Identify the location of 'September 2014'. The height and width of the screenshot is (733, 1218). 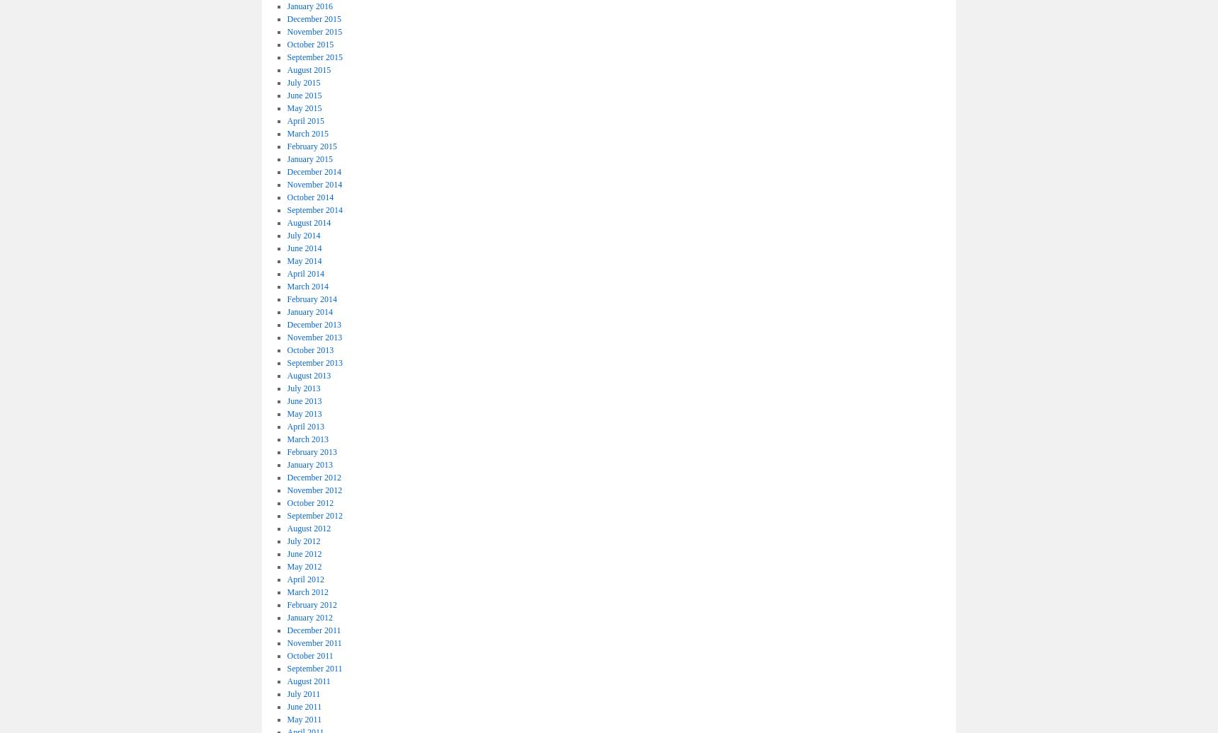
(313, 209).